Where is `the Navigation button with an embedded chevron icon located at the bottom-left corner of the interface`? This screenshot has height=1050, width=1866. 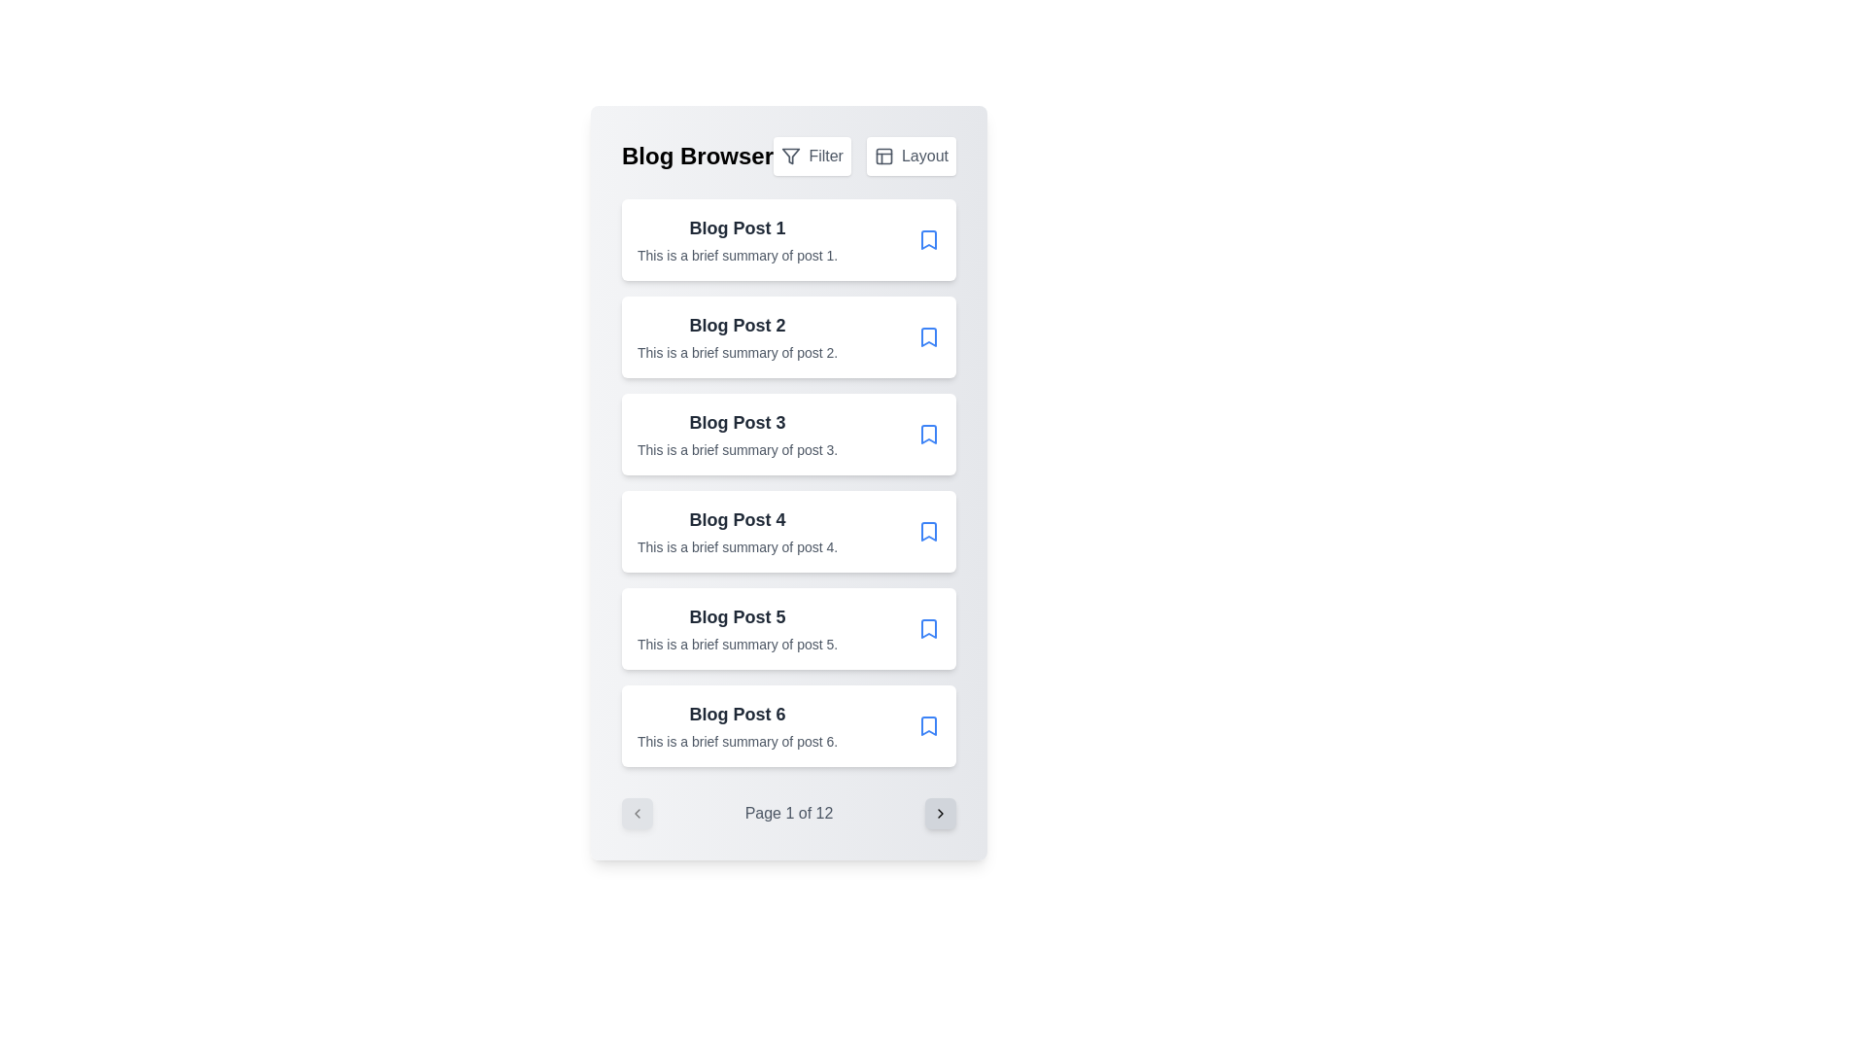 the Navigation button with an embedded chevron icon located at the bottom-left corner of the interface is located at coordinates (638, 814).